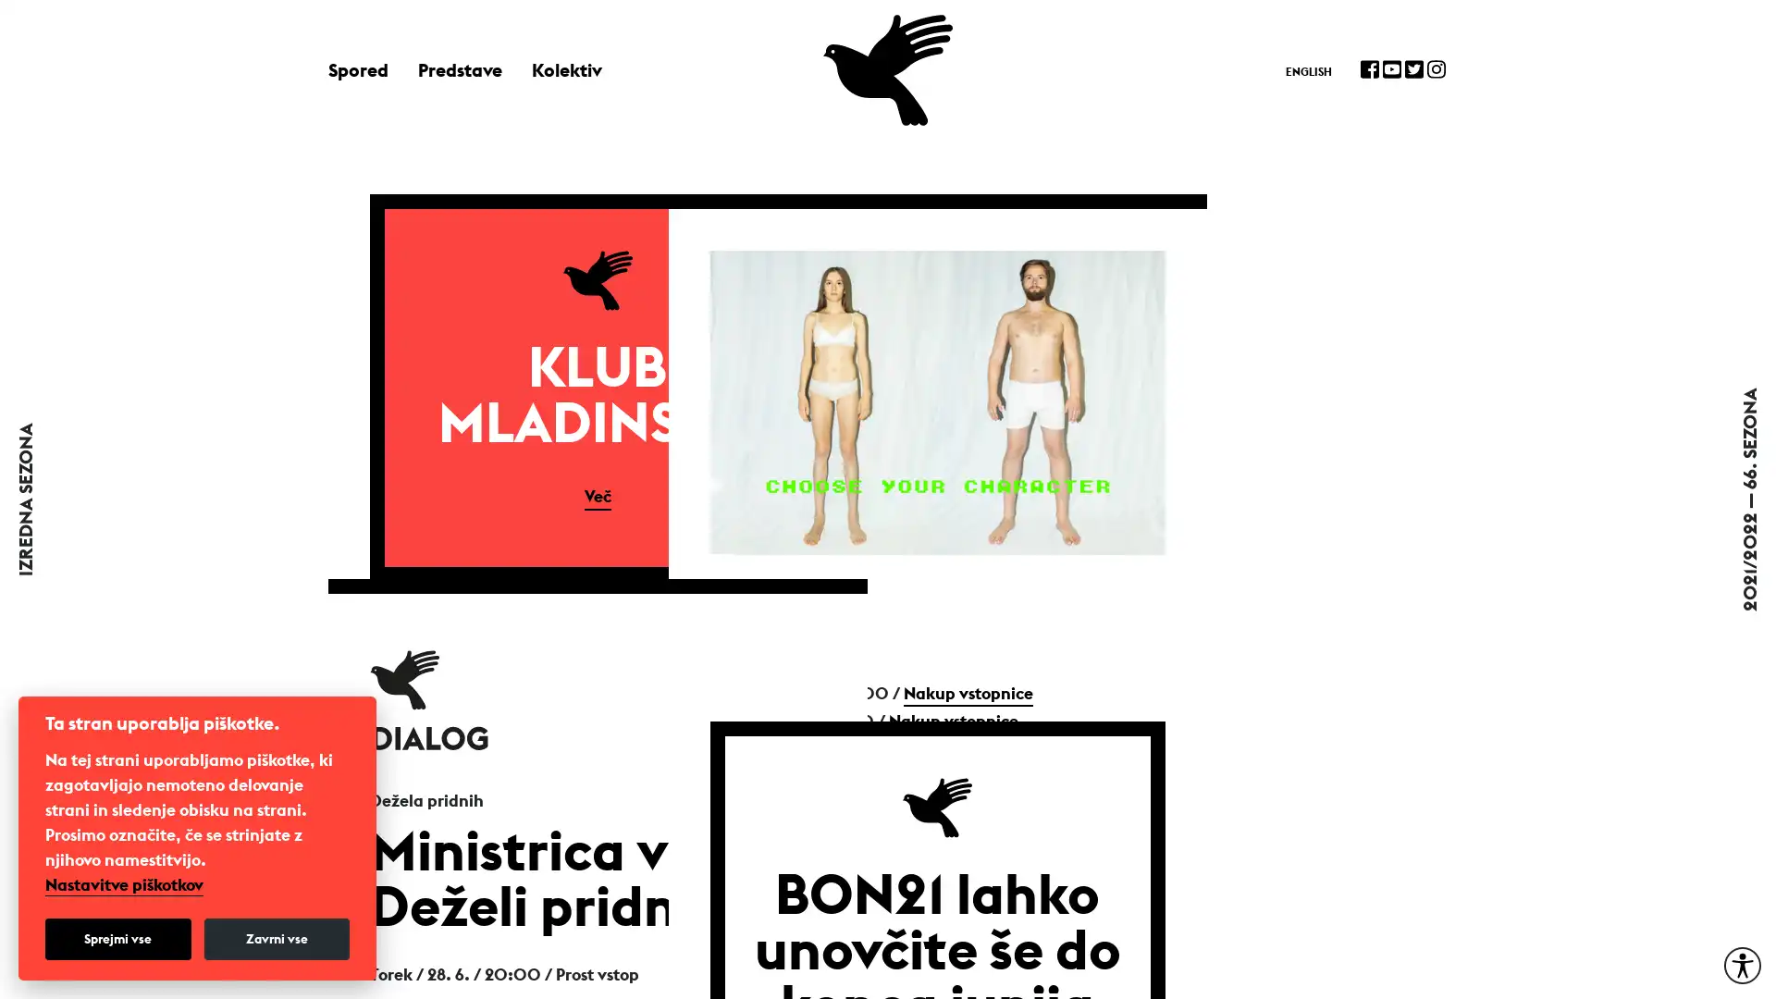 The height and width of the screenshot is (999, 1776). I want to click on Moznosti za dostopnost, so click(1741, 965).